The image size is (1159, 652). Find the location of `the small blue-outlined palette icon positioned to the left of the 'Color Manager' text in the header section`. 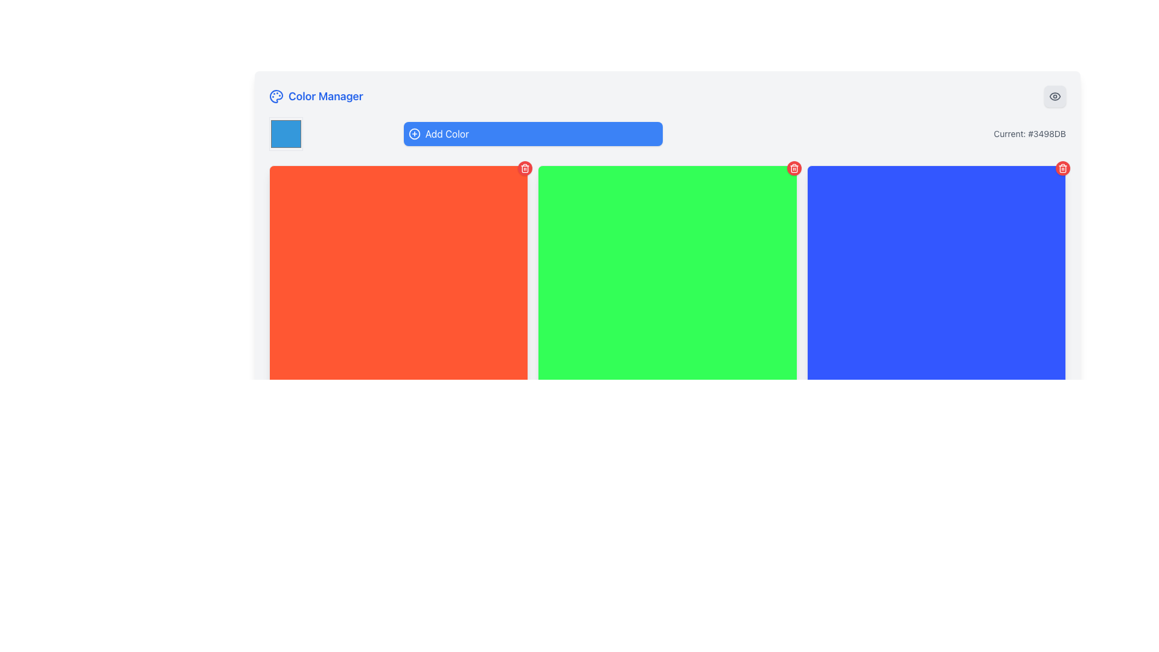

the small blue-outlined palette icon positioned to the left of the 'Color Manager' text in the header section is located at coordinates (275, 95).